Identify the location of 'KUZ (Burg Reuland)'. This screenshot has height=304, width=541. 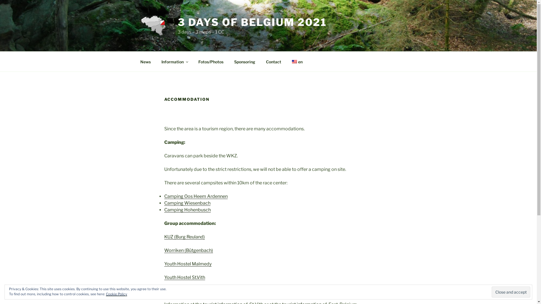
(184, 237).